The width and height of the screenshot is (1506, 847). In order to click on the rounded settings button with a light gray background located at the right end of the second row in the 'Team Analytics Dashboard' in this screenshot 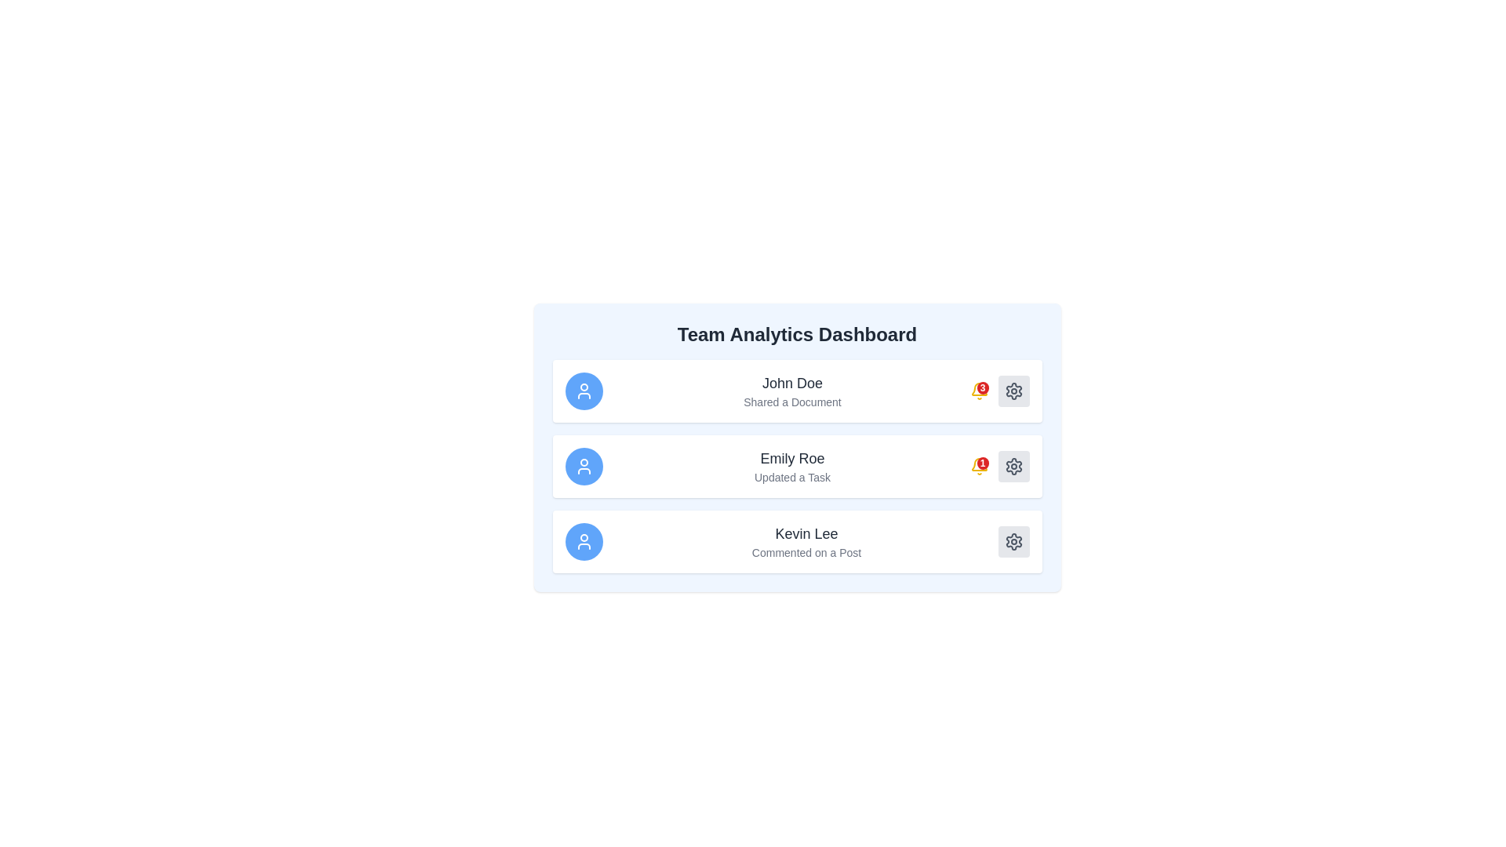, I will do `click(1013, 465)`.